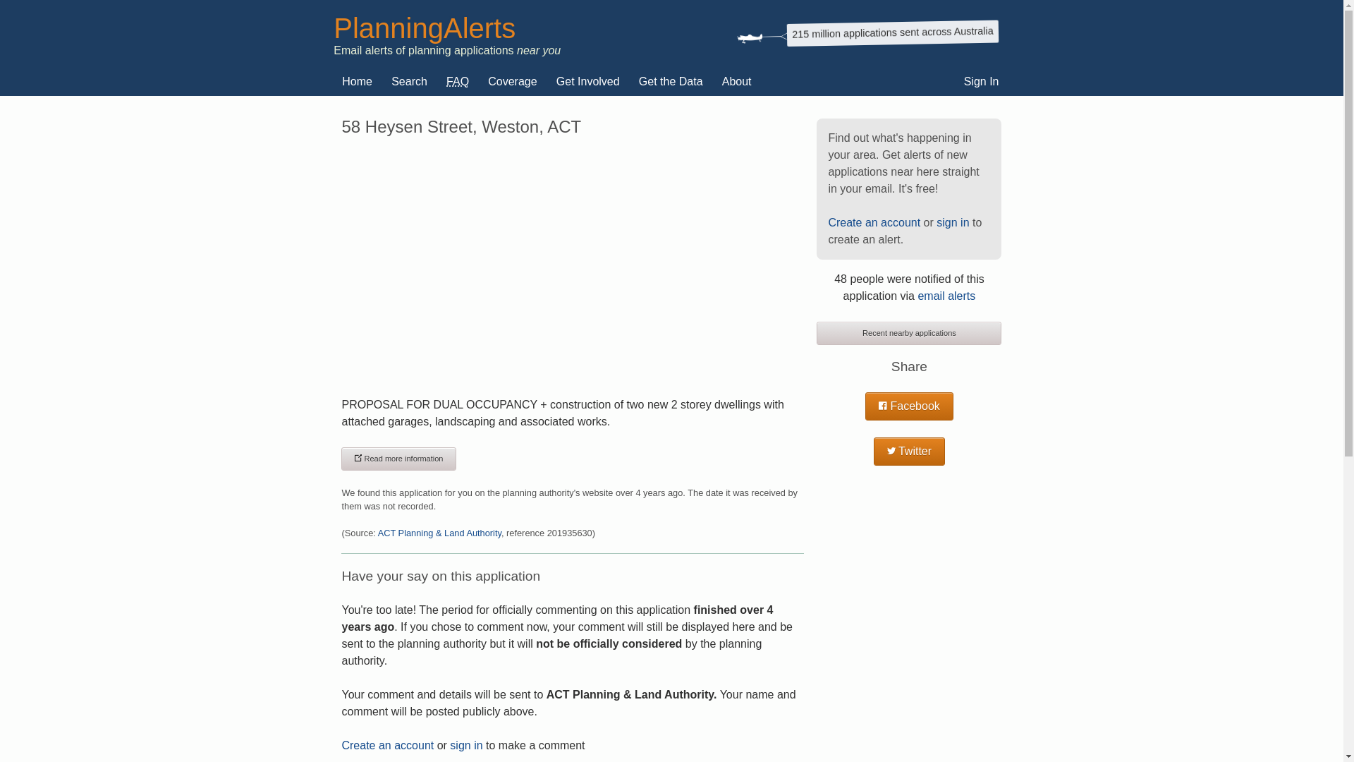  What do you see at coordinates (946, 295) in the screenshot?
I see `'email alerts'` at bounding box center [946, 295].